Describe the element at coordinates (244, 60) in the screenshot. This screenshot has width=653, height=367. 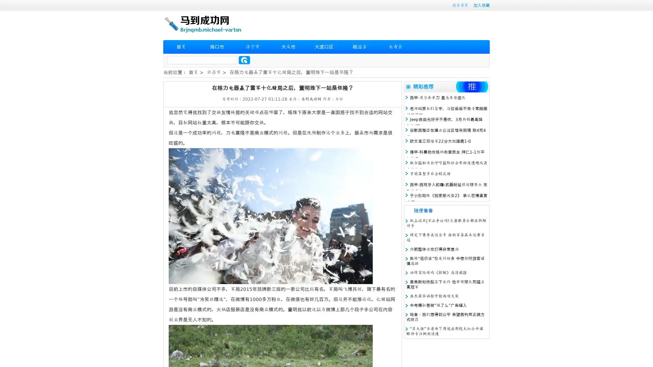
I see `Search` at that location.